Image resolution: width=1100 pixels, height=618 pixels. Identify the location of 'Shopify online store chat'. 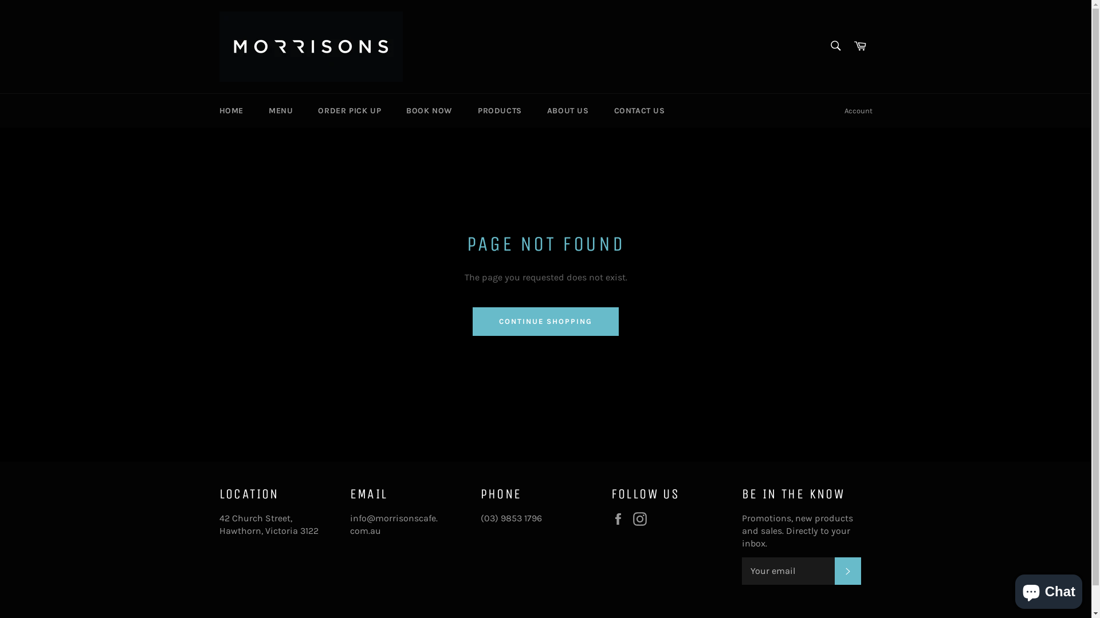
(1048, 589).